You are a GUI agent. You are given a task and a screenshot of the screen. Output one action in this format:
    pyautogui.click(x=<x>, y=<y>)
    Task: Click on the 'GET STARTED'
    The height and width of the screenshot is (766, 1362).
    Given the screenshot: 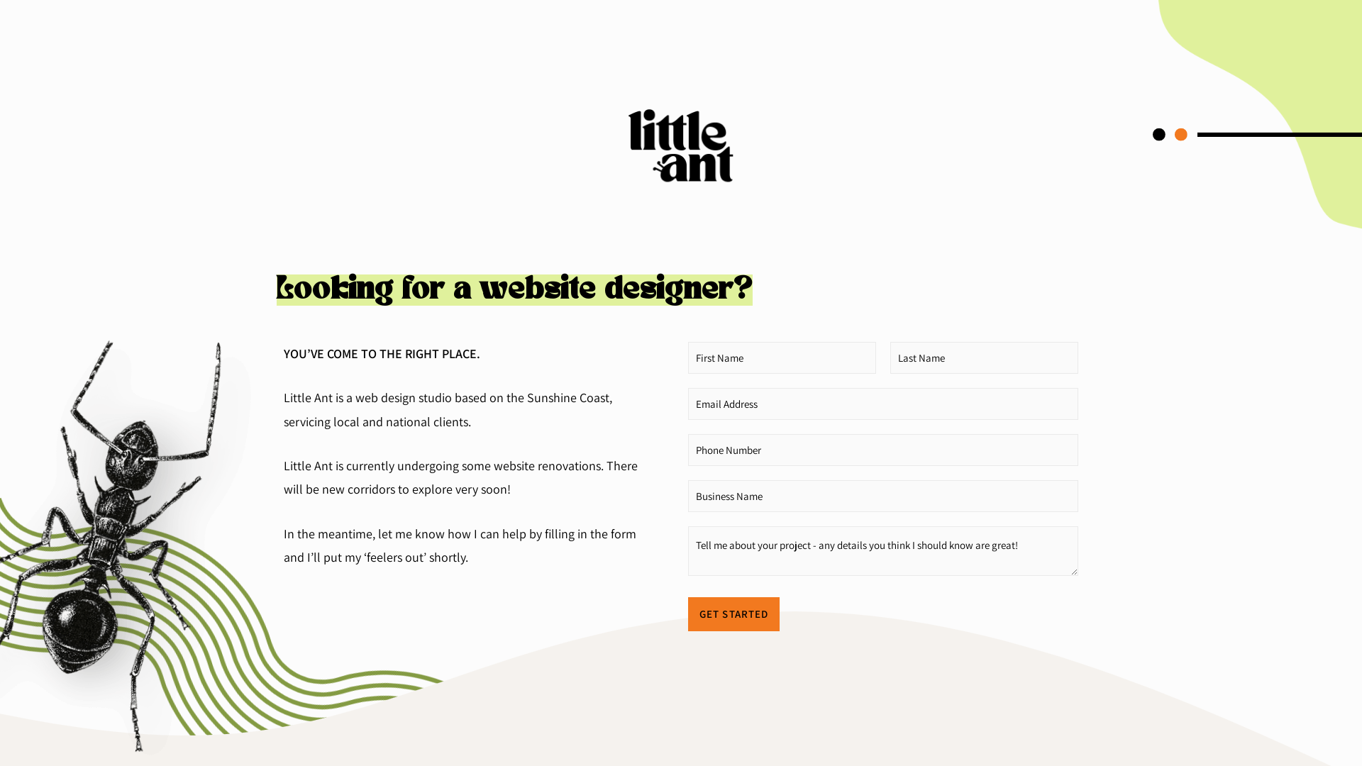 What is the action you would take?
    pyautogui.click(x=733, y=614)
    